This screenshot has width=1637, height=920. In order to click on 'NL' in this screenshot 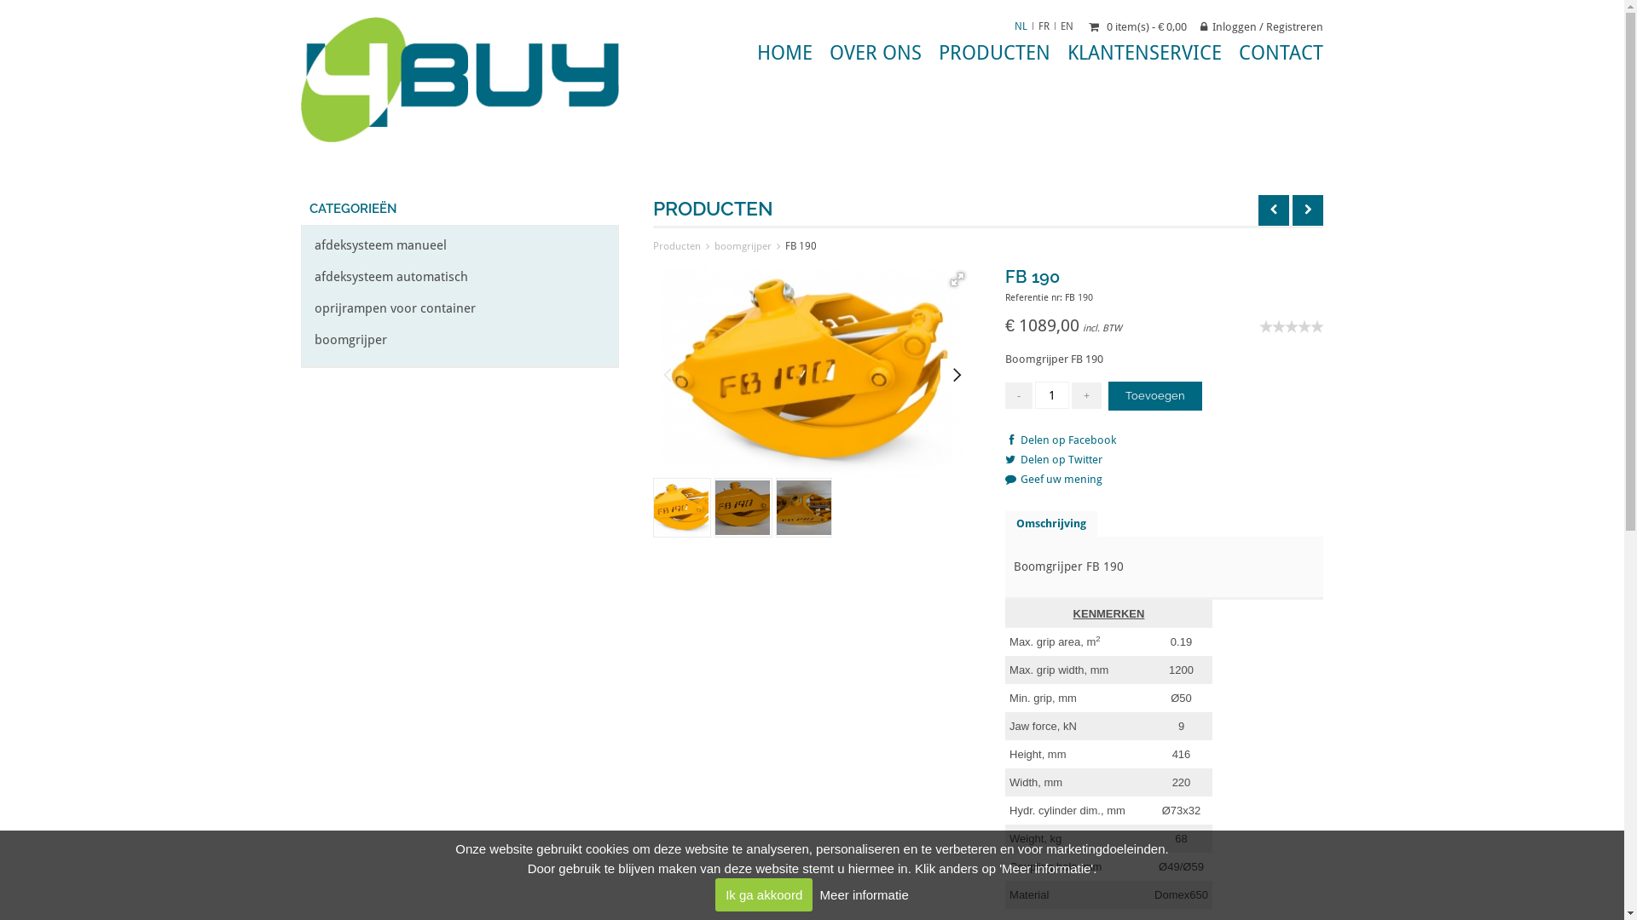, I will do `click(1021, 28)`.